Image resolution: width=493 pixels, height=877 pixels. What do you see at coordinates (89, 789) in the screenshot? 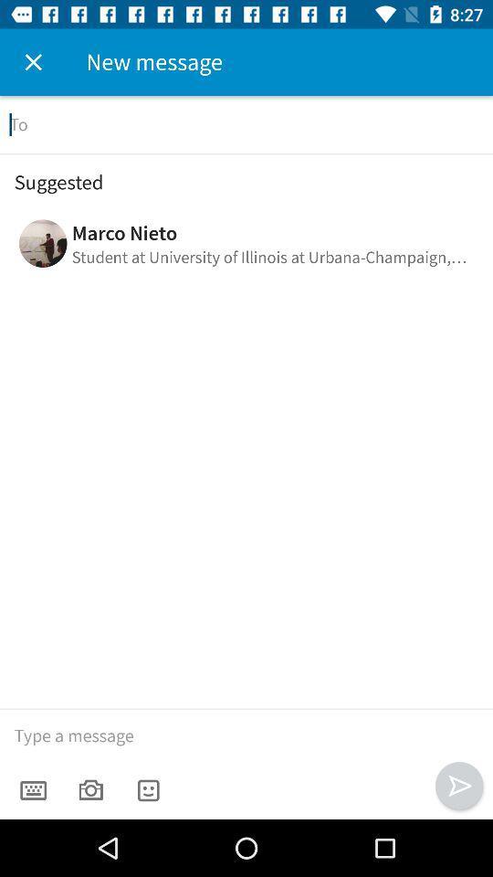
I see `the photo icon` at bounding box center [89, 789].